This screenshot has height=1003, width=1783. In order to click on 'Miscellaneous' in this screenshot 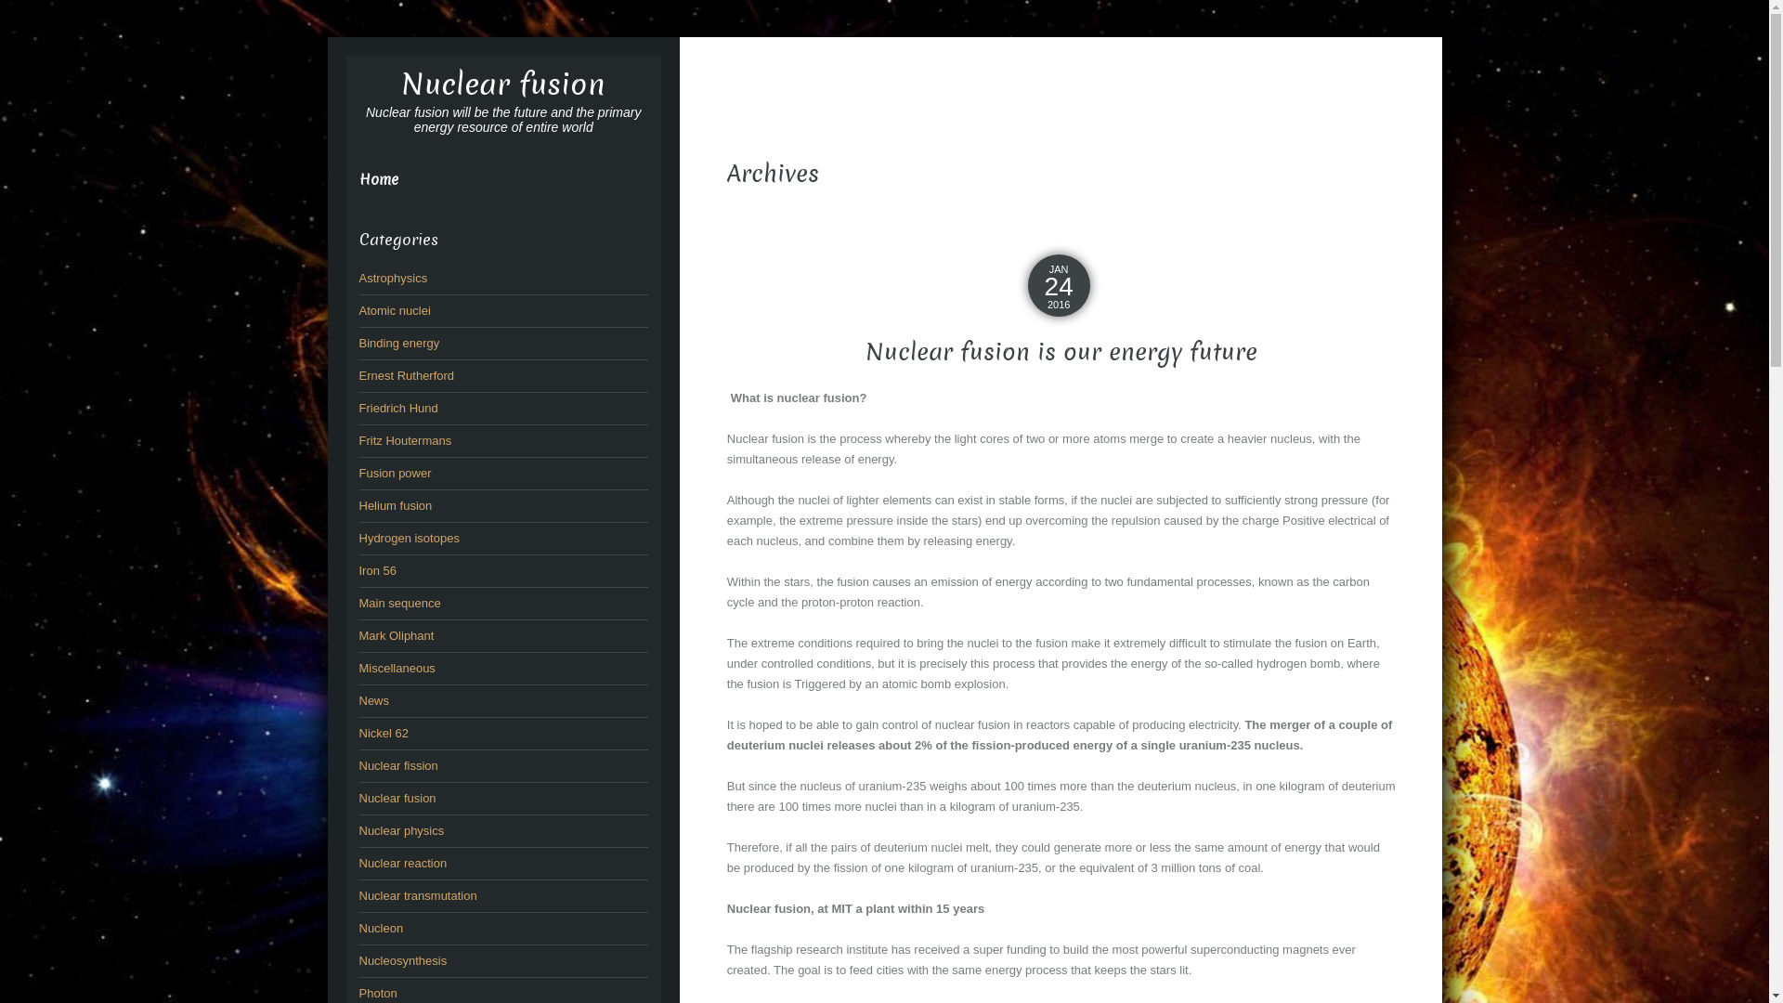, I will do `click(396, 667)`.